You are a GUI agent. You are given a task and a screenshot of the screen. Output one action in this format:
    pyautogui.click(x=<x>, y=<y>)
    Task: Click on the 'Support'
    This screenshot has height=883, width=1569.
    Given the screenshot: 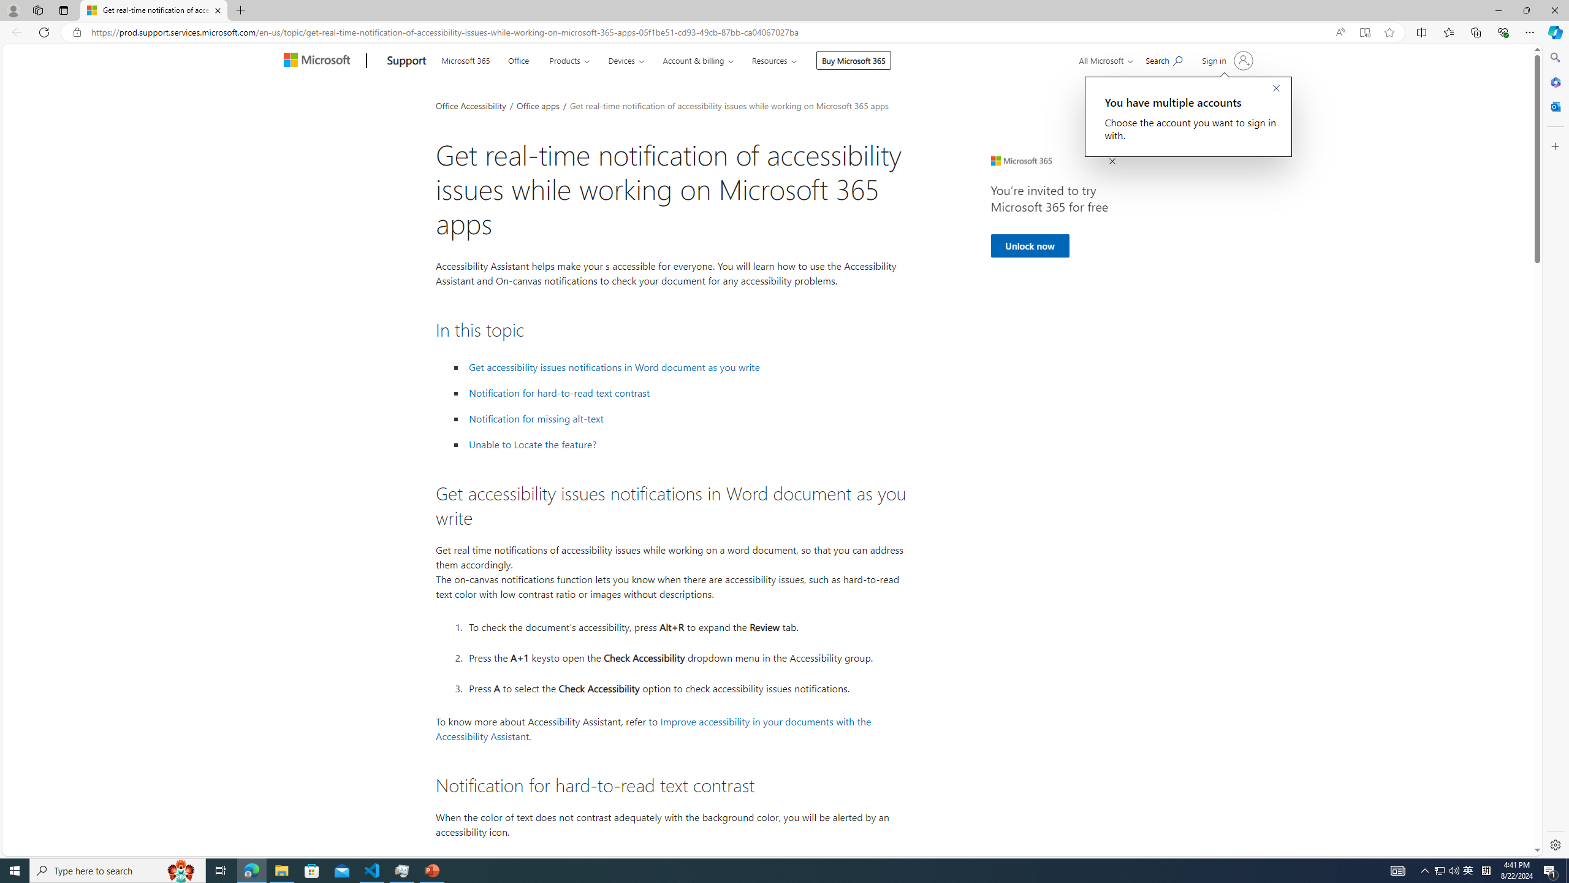 What is the action you would take?
    pyautogui.click(x=407, y=61)
    